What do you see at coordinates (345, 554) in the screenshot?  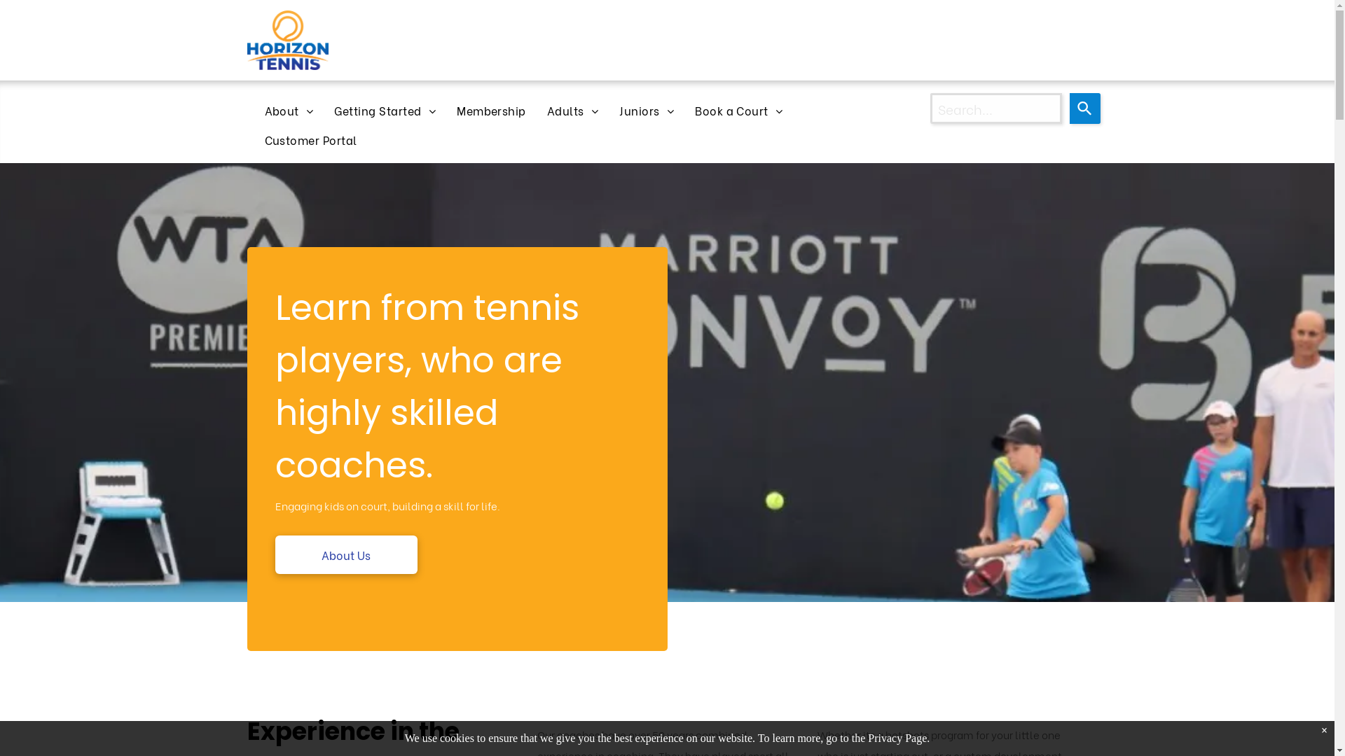 I see `'About Us'` at bounding box center [345, 554].